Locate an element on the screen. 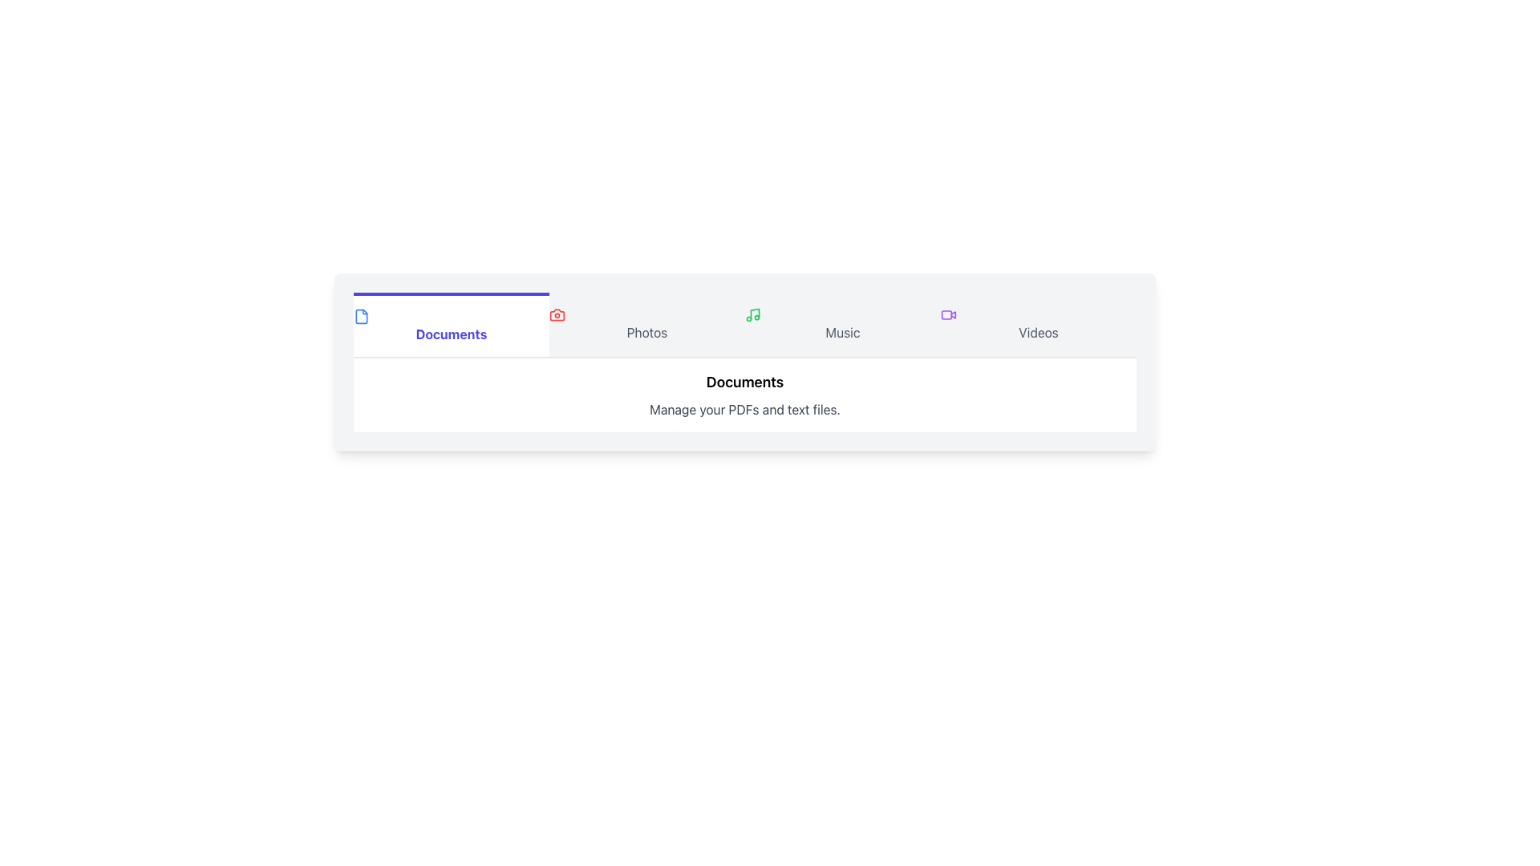  the 'Music' category icon located in the third position from the left in the horizontal navigation menu is located at coordinates (754, 314).